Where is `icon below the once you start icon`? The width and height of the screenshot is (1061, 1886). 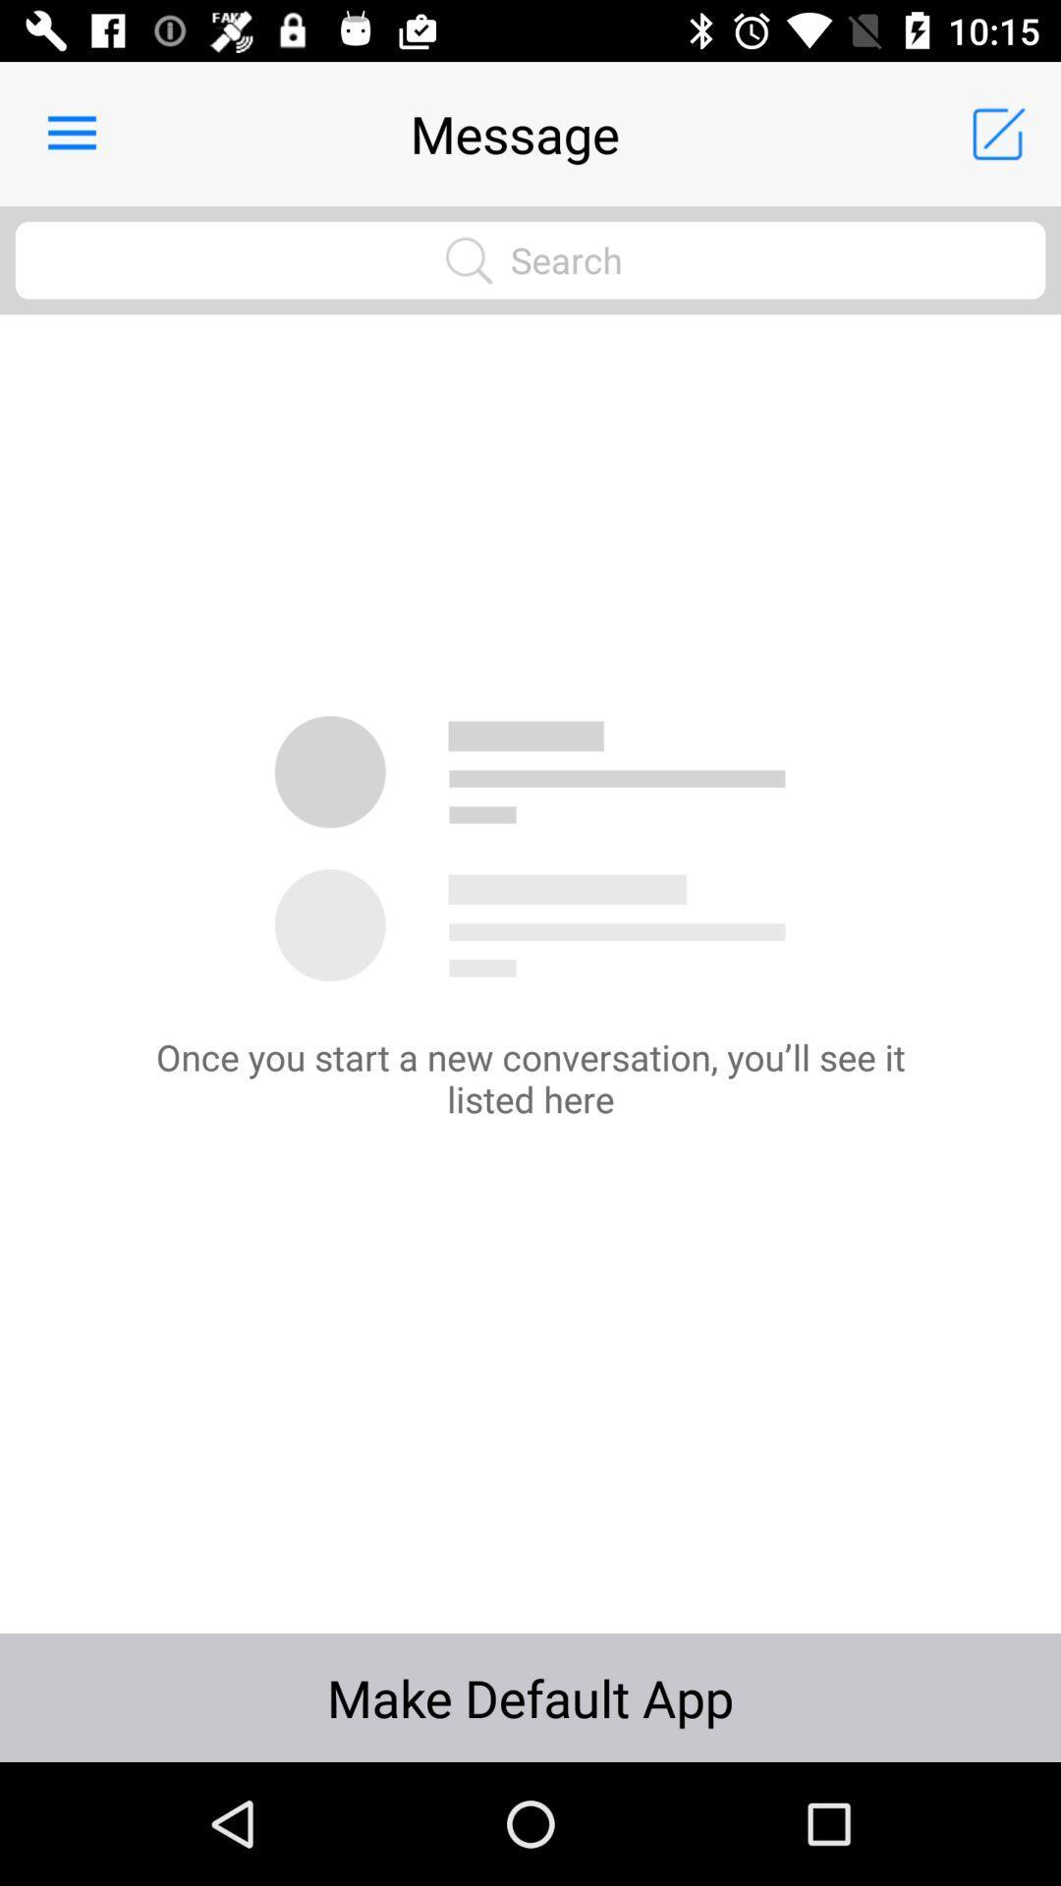 icon below the once you start icon is located at coordinates (530, 1696).